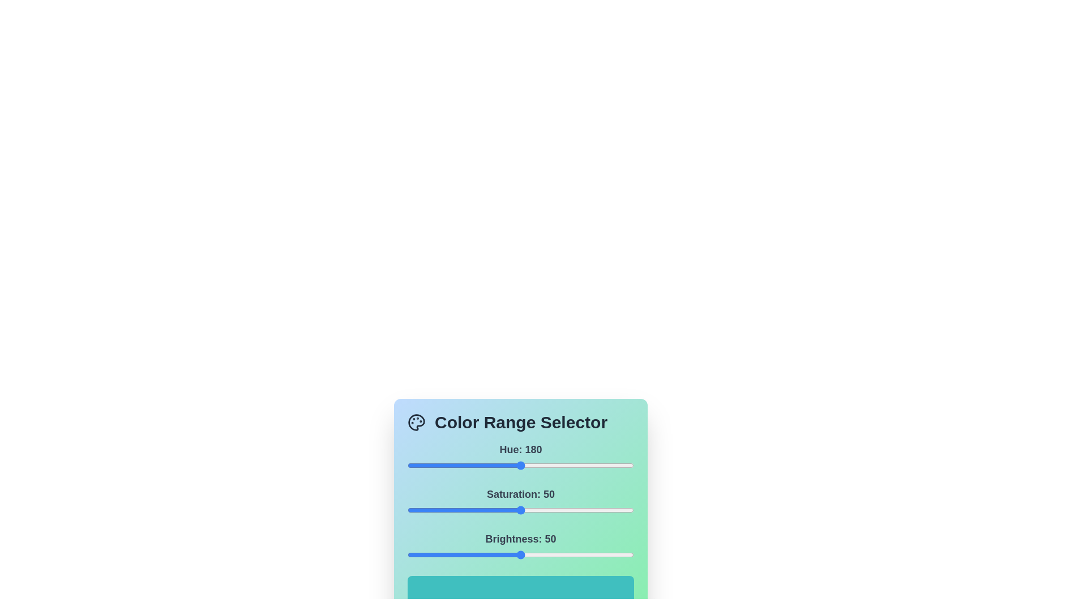  What do you see at coordinates (476, 510) in the screenshot?
I see `the 1 slider to 30` at bounding box center [476, 510].